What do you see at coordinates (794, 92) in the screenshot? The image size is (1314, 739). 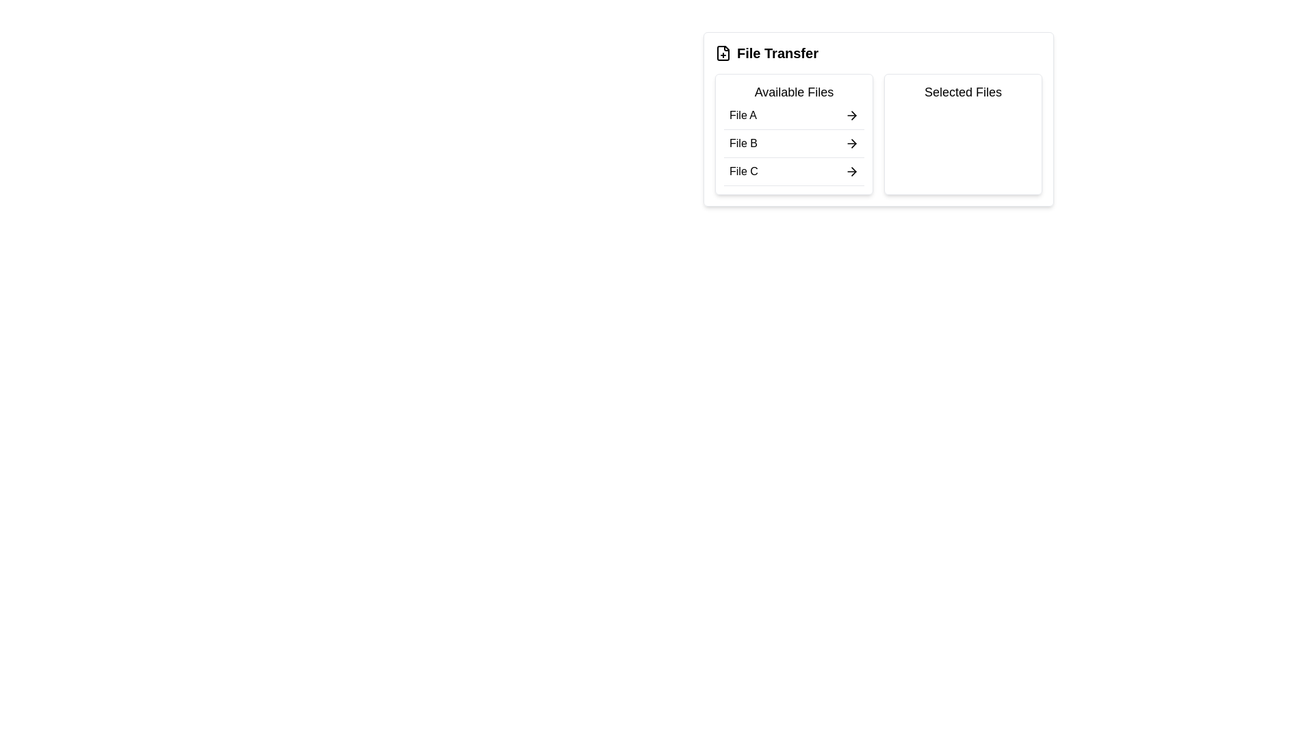 I see `the text label indicating the available files section, which is positioned at the top of the box listing 'File A', 'File B', and 'File C'` at bounding box center [794, 92].